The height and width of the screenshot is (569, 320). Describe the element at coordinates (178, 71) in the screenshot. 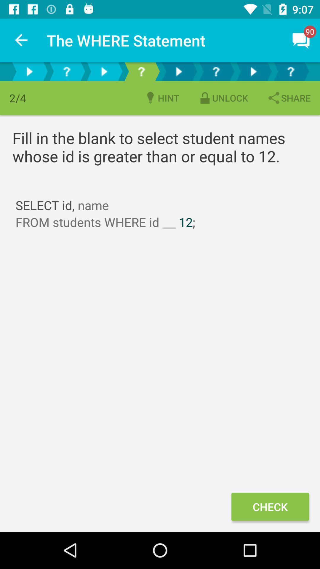

I see `the play icon` at that location.